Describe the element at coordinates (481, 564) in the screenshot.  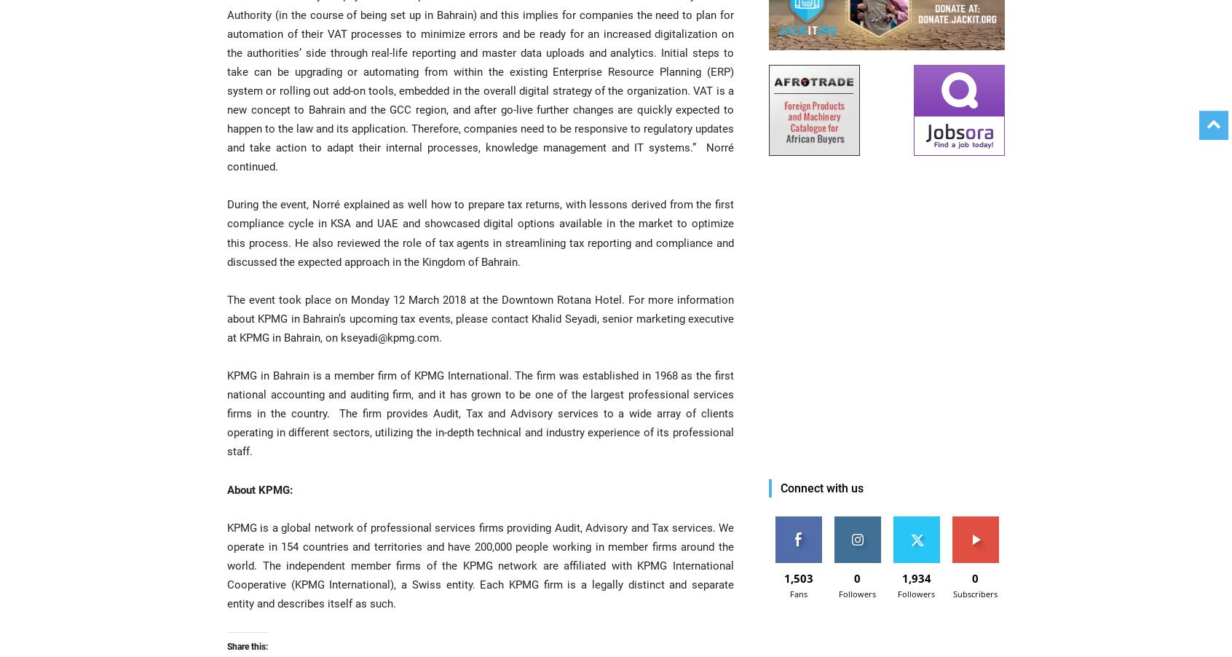
I see `'KPMG is a global network of professional services firms providing Audit, Advisory and Tax services. We operate in 154 countries and territories and have 200,000 people working in member firms around the world. The independent member firms of the KPMG network are affiliated with KPMG International Cooperative (KPMG International), a Swiss entity. Each KPMG firm is a legally distinct and separate entity and describes itself as such.'` at that location.